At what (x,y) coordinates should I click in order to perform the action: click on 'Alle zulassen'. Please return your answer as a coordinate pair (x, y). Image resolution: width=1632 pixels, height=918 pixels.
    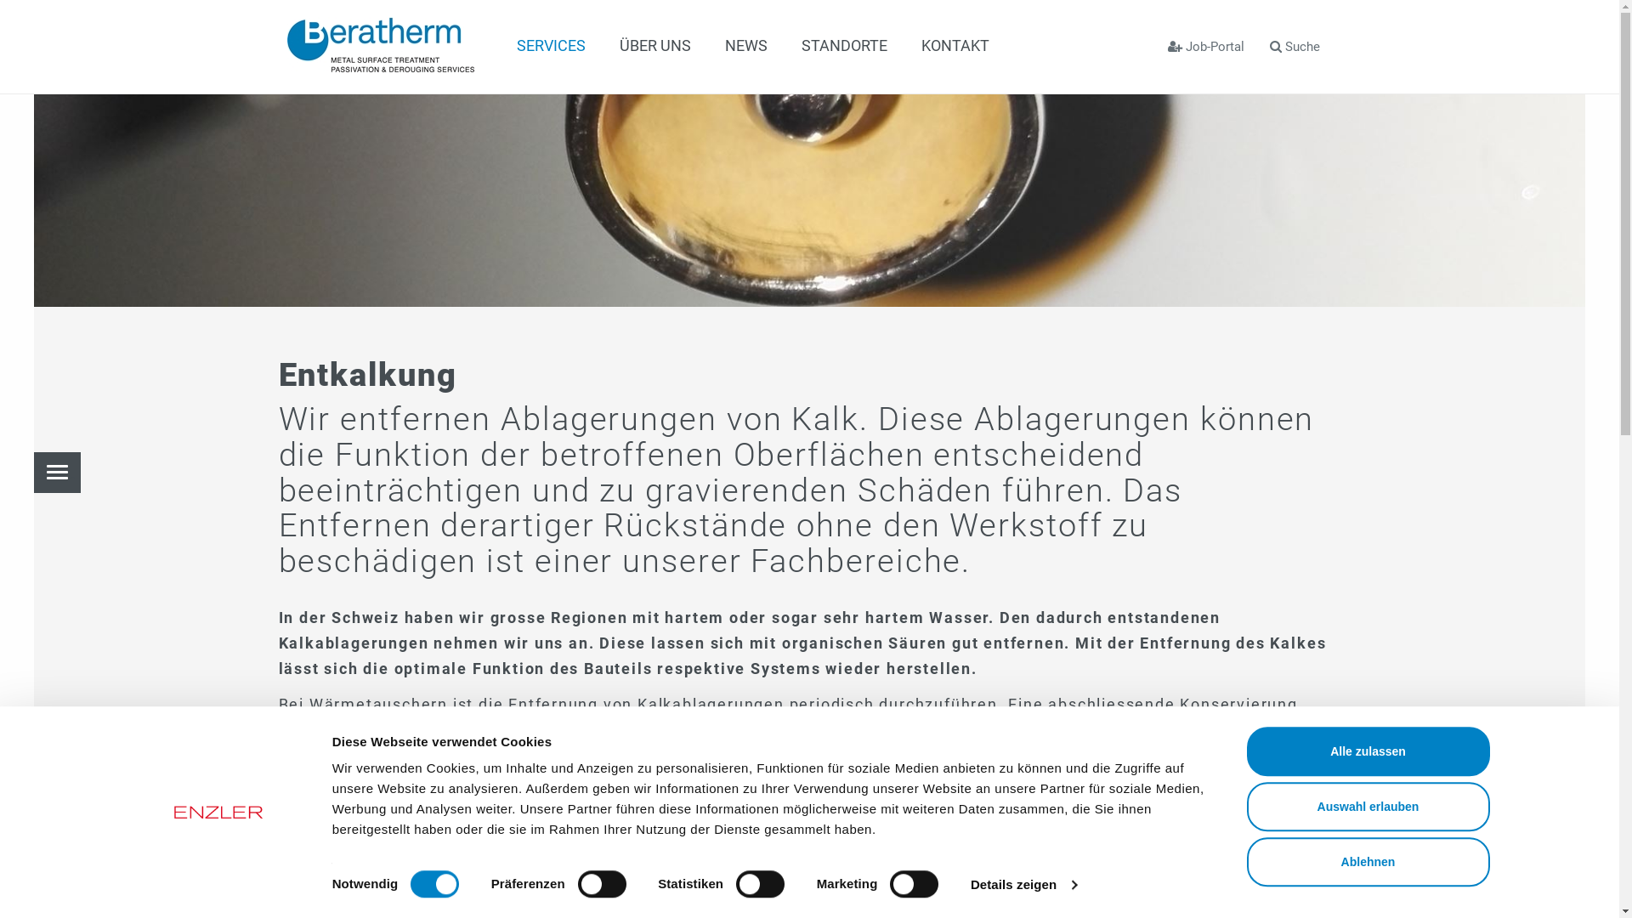
    Looking at the image, I should click on (1367, 750).